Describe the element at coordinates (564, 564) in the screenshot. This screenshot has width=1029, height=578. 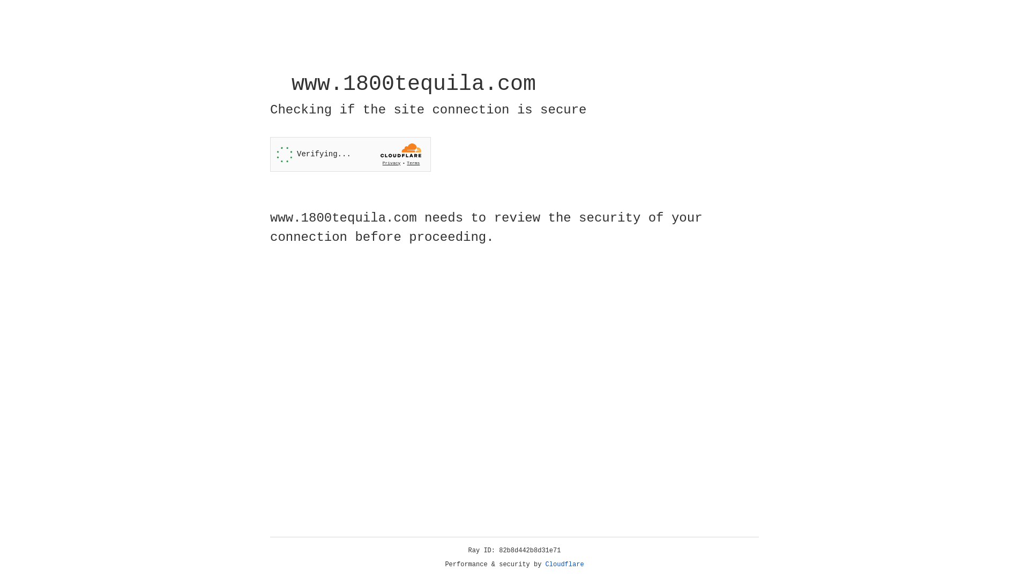
I see `'Cloudflare'` at that location.